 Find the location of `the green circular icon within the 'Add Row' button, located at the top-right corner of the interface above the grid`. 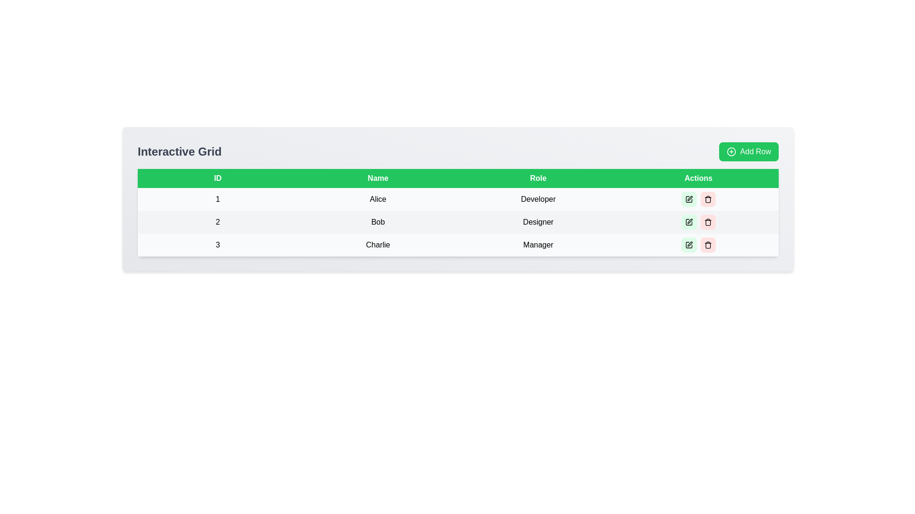

the green circular icon within the 'Add Row' button, located at the top-right corner of the interface above the grid is located at coordinates (731, 151).